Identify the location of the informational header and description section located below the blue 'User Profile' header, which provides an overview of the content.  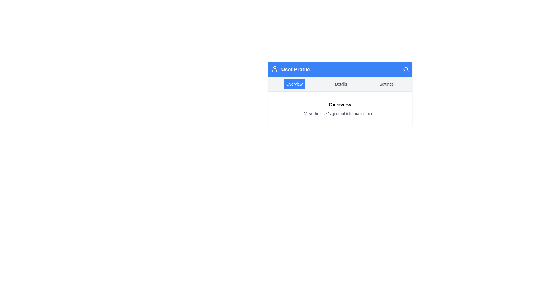
(340, 108).